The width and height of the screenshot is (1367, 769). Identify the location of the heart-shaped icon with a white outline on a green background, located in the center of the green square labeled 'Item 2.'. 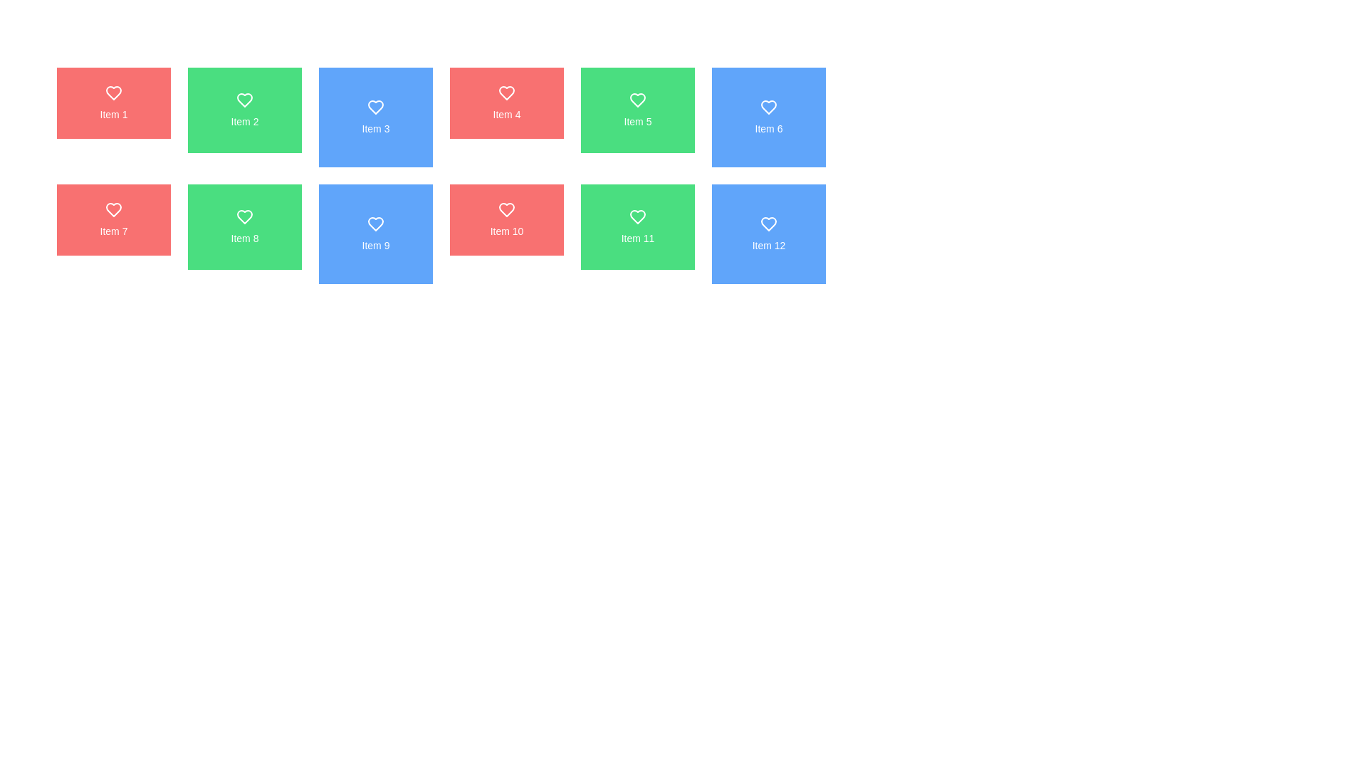
(245, 100).